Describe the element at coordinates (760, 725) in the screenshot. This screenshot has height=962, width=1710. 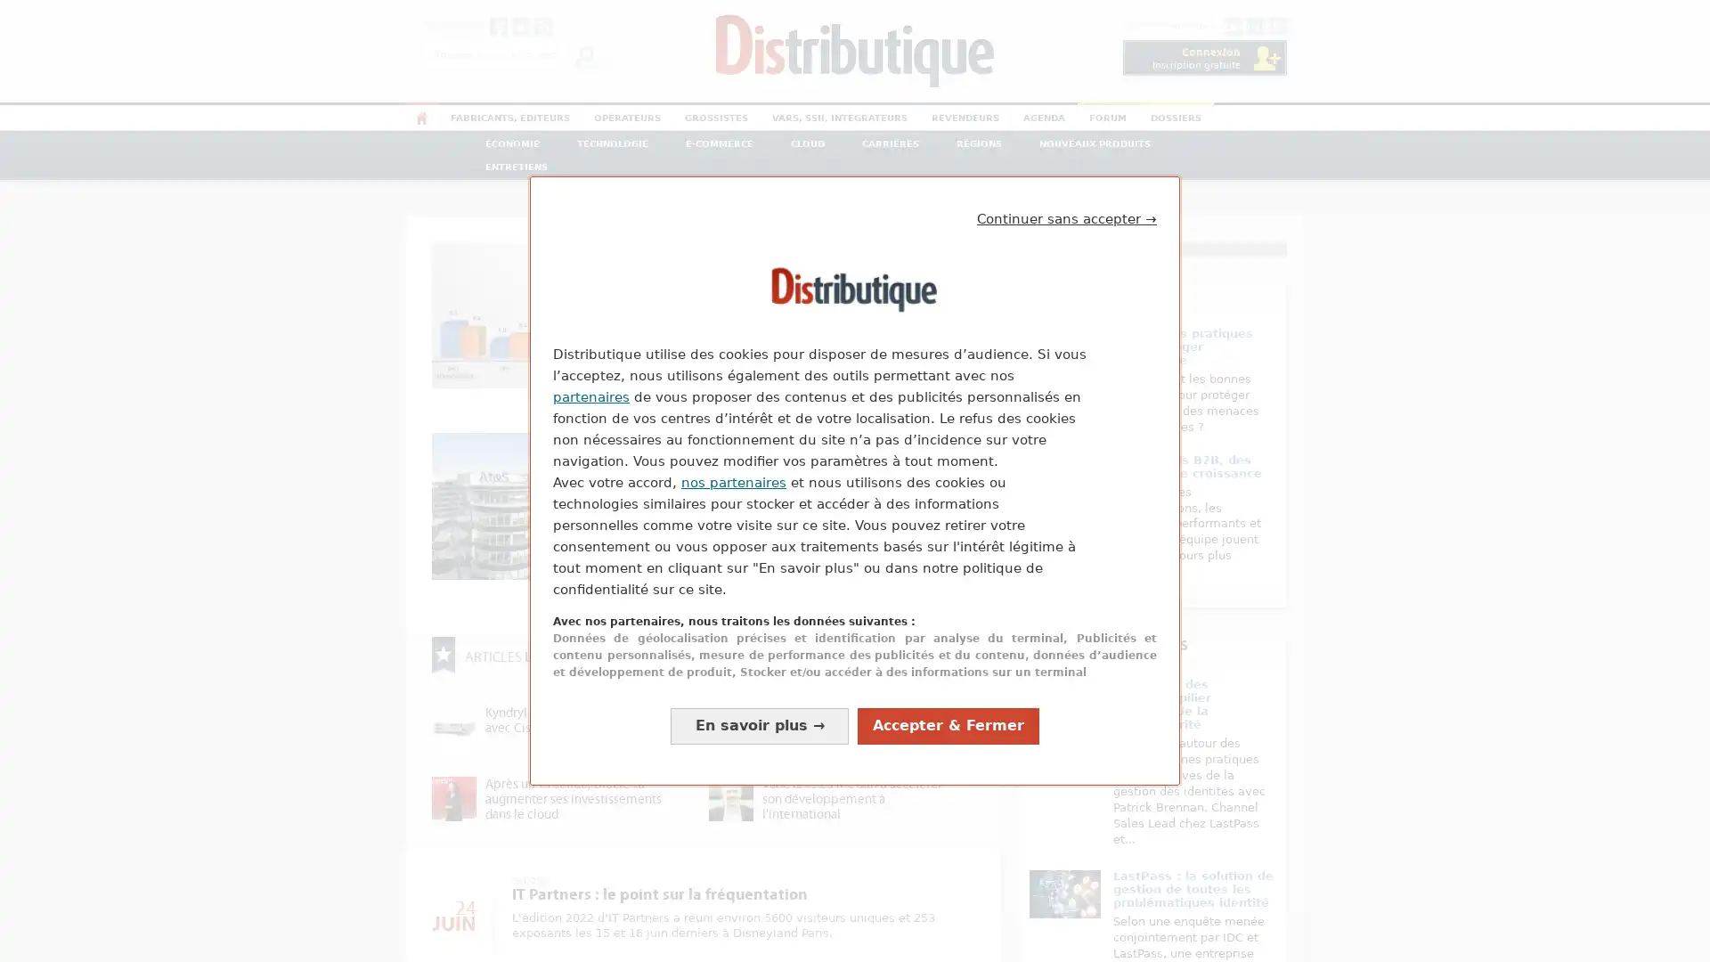
I see `Configurer vos consentements` at that location.